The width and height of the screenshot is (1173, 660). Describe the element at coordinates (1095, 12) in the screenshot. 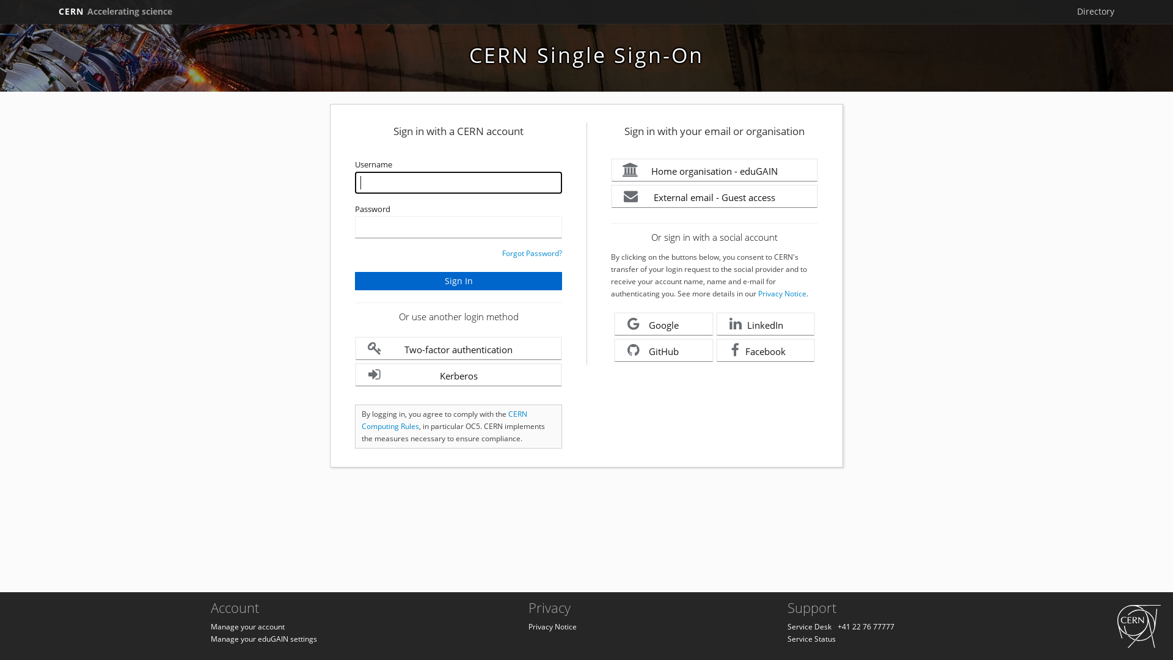

I see `'Directory'` at that location.